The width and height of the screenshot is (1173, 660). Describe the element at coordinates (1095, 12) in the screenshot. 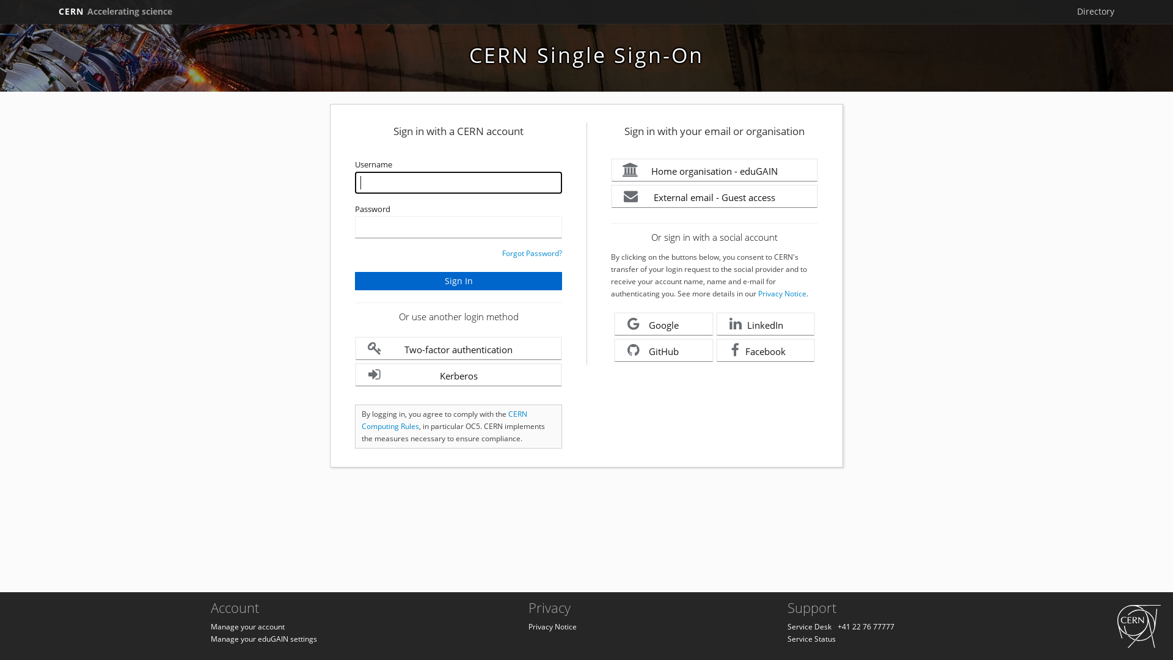

I see `'Directory'` at that location.